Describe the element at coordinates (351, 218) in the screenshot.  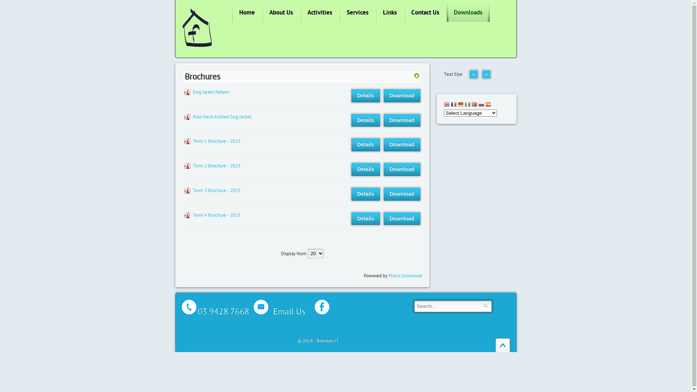
I see `'Details'` at that location.